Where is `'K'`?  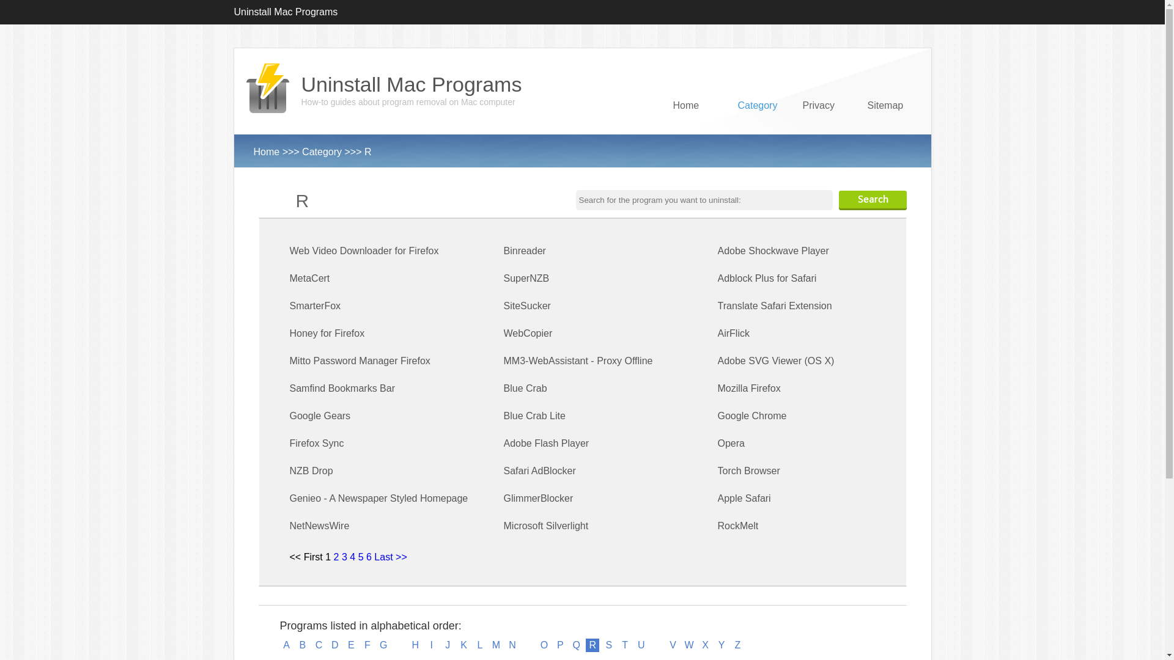
'K' is located at coordinates (463, 645).